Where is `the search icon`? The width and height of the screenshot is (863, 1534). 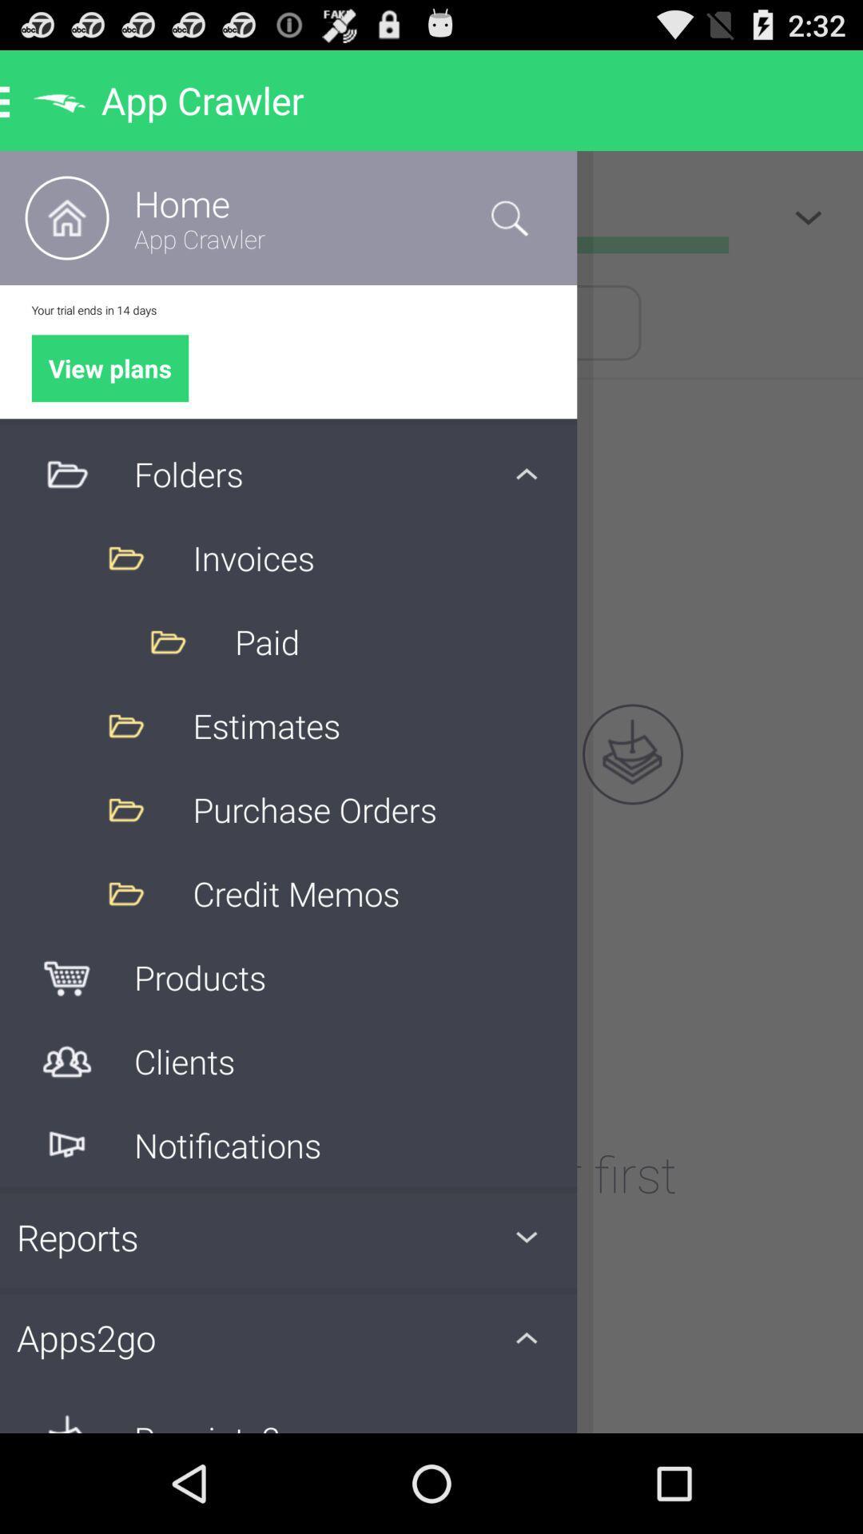 the search icon is located at coordinates (510, 232).